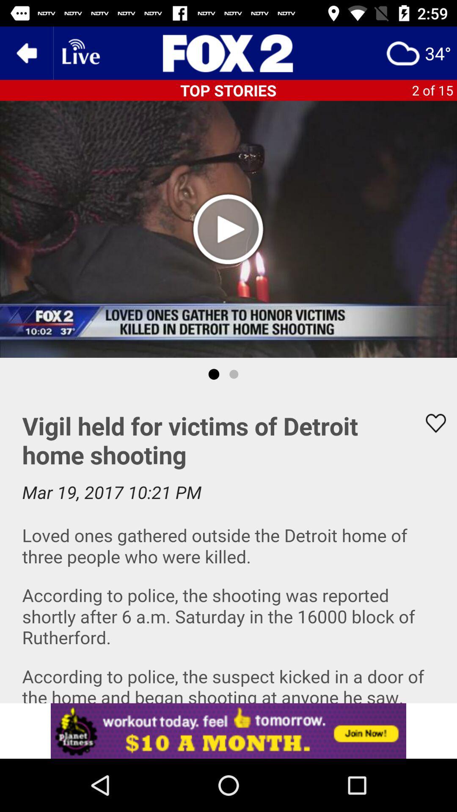 The image size is (457, 812). Describe the element at coordinates (430, 423) in the screenshot. I see `like` at that location.